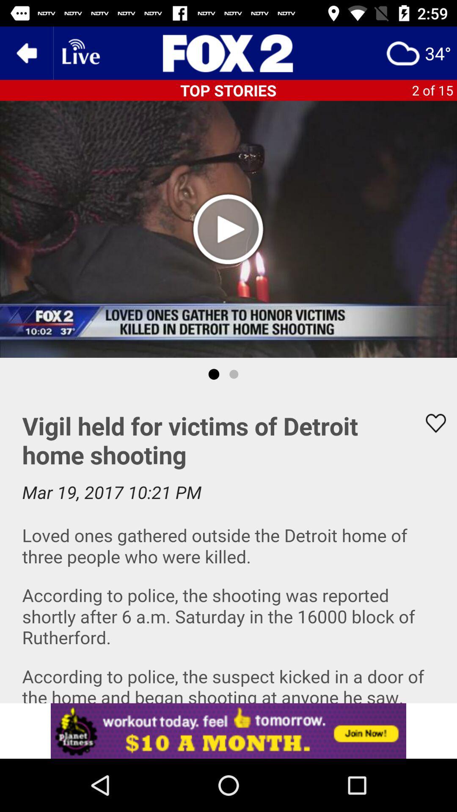 The image size is (457, 812). Describe the element at coordinates (430, 423) in the screenshot. I see `like` at that location.